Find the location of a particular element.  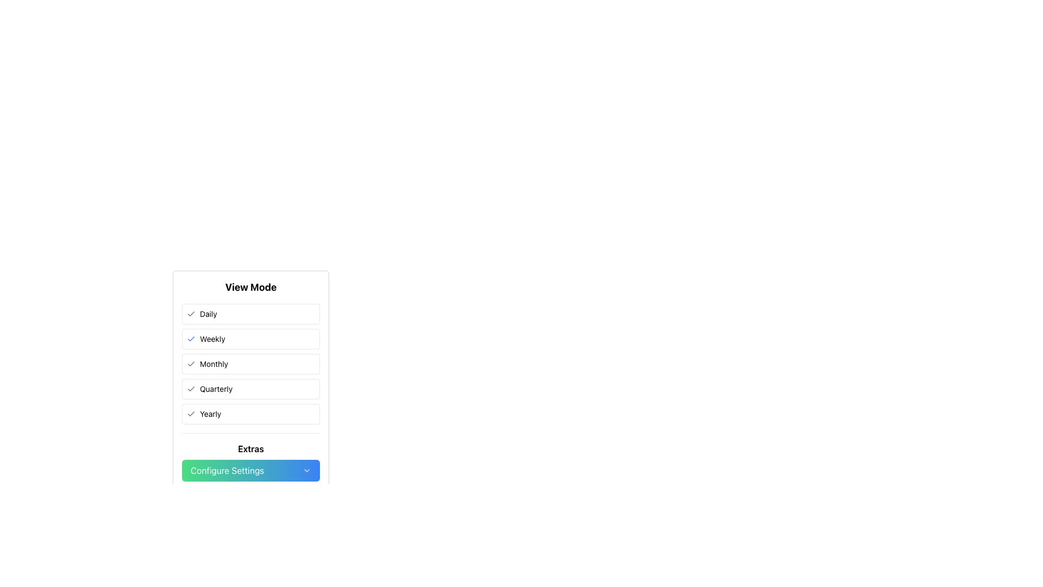

the third option labeled 'Monthly' in the vertical list of options under the 'View Mode' section is located at coordinates (250, 364).